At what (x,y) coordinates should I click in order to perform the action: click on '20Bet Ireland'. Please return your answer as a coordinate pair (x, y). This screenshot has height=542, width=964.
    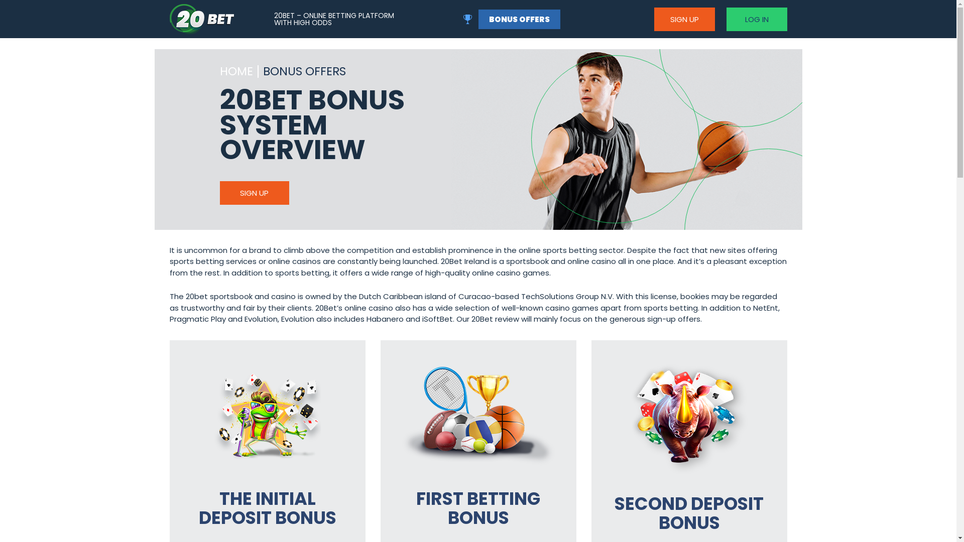
    Looking at the image, I should click on (201, 19).